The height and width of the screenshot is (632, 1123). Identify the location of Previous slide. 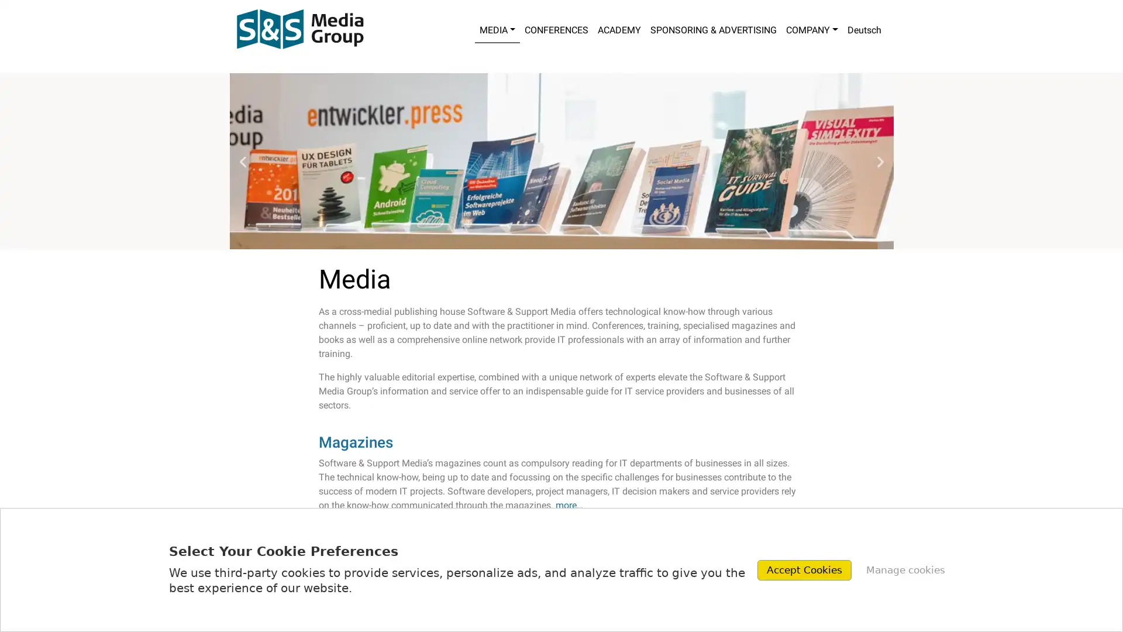
(242, 161).